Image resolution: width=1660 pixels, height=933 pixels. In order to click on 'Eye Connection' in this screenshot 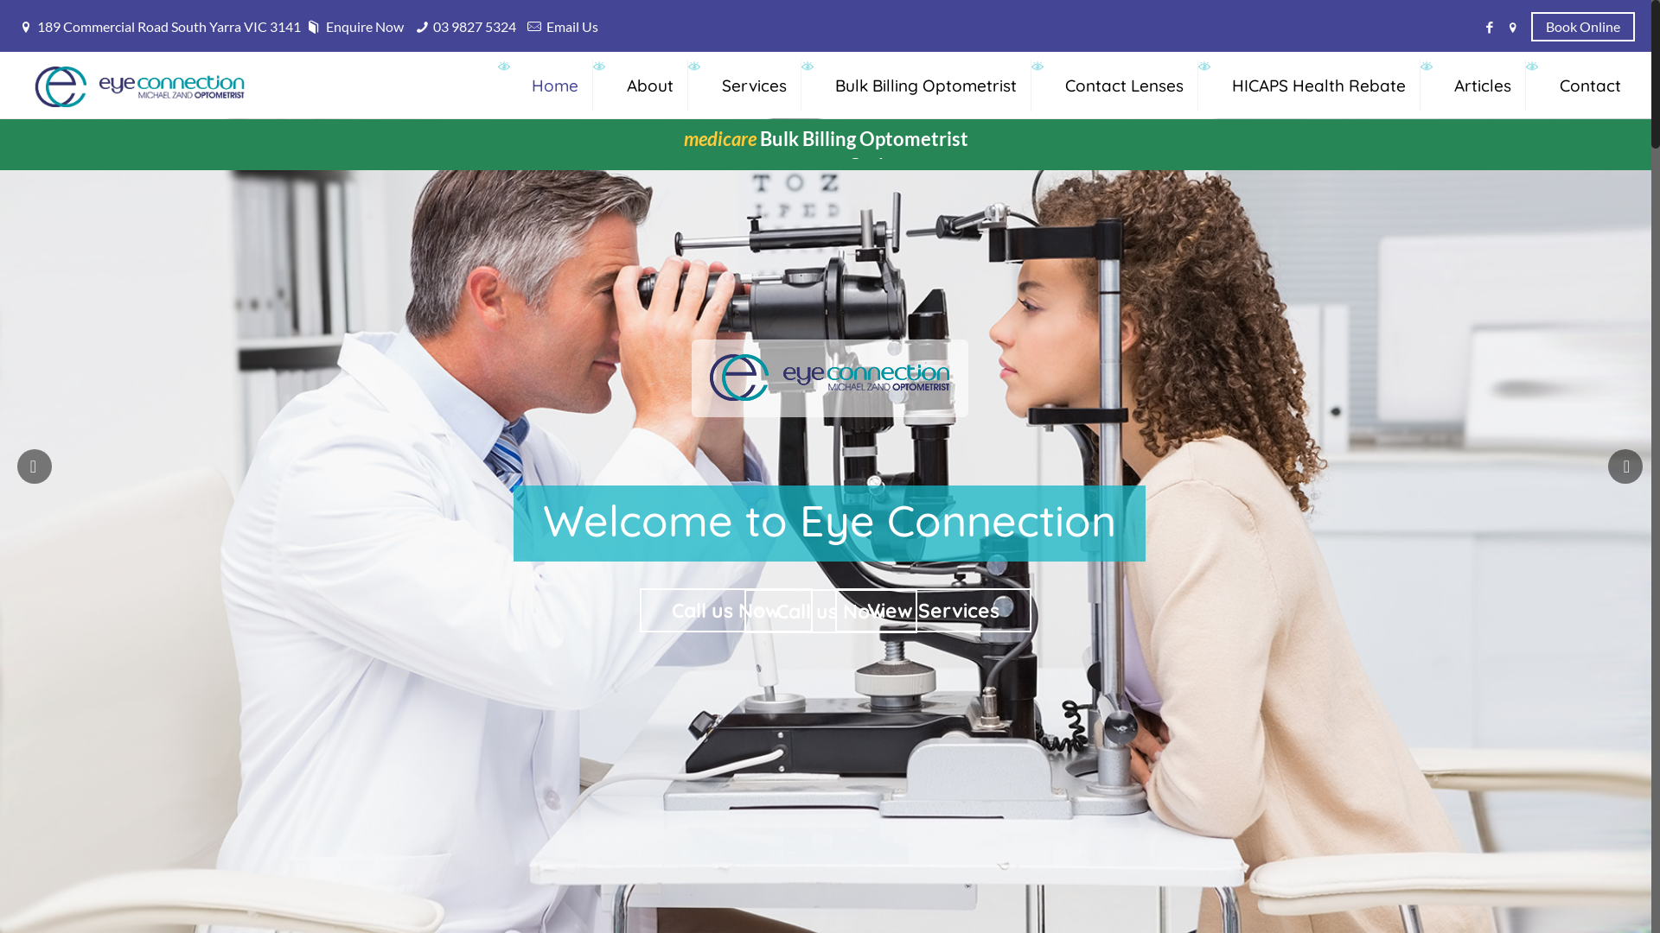, I will do `click(33, 85)`.